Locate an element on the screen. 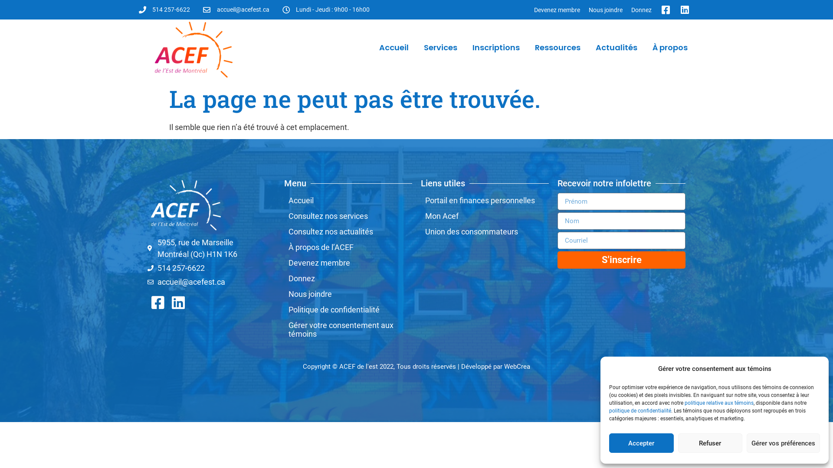 This screenshot has height=468, width=833. 'Mon Acef' is located at coordinates (484, 215).